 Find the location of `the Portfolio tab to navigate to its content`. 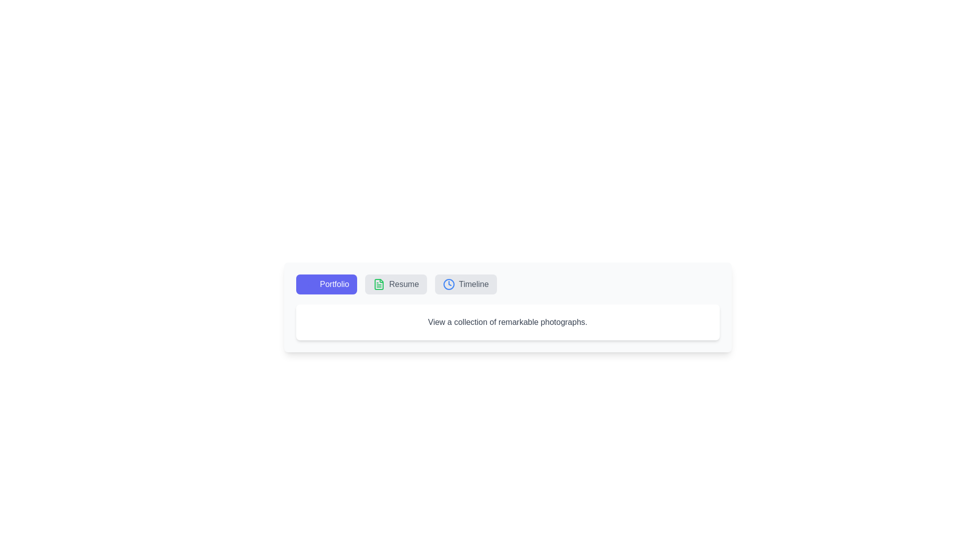

the Portfolio tab to navigate to its content is located at coordinates (326, 284).